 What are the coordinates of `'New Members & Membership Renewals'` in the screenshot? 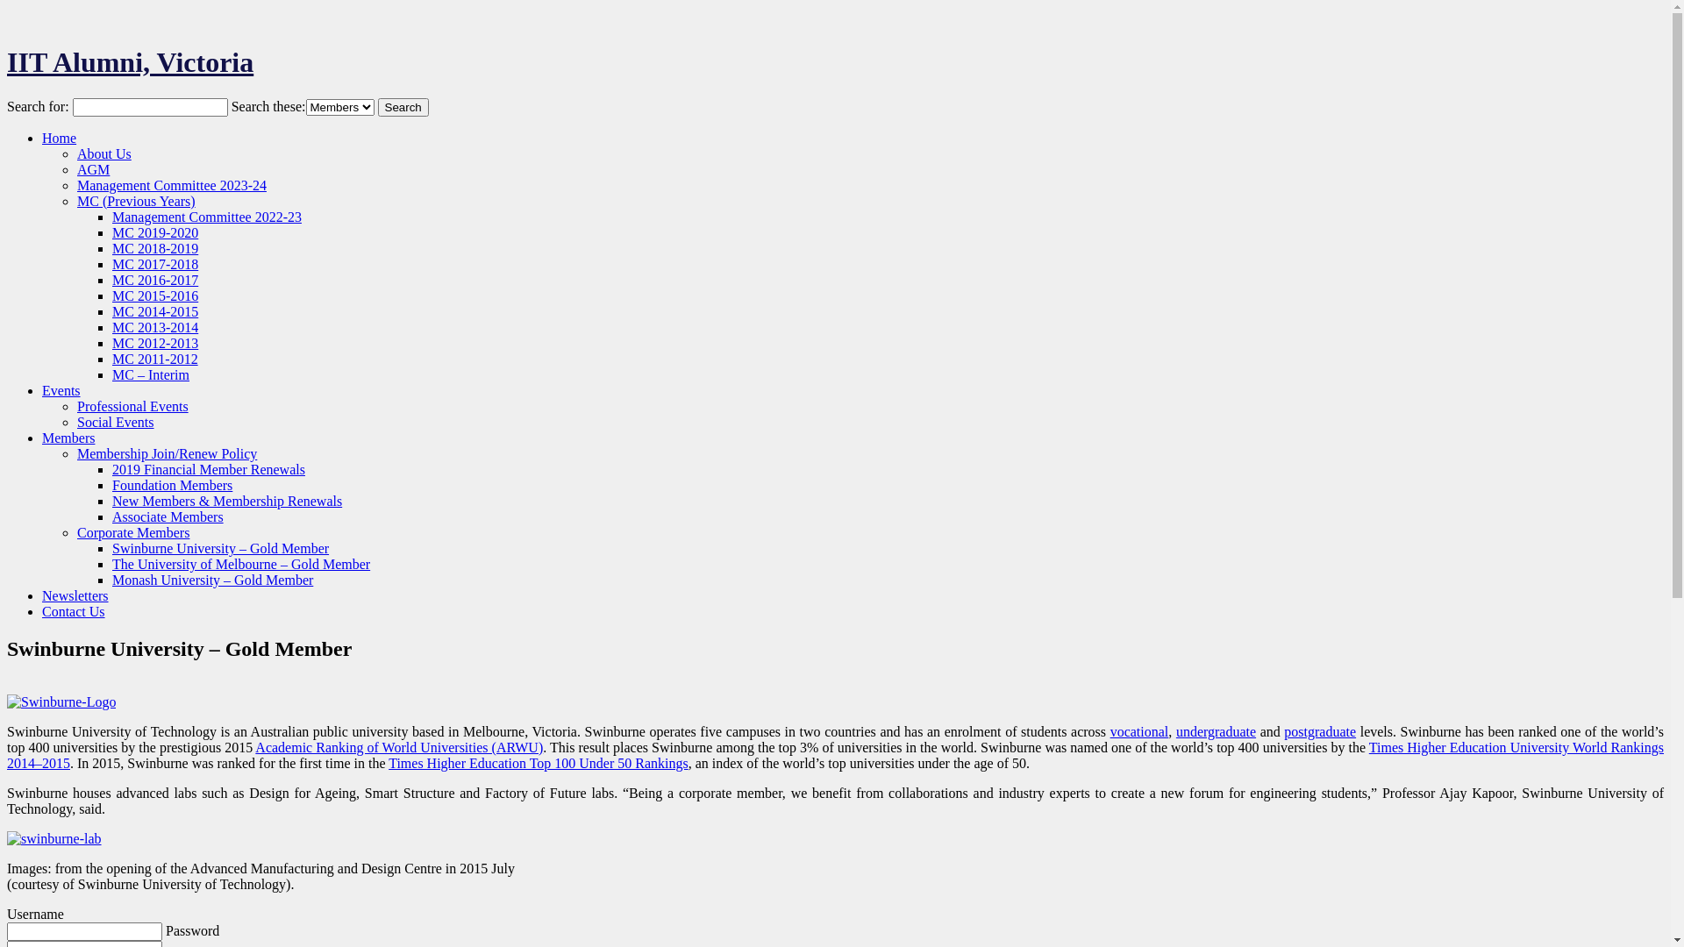 It's located at (226, 501).